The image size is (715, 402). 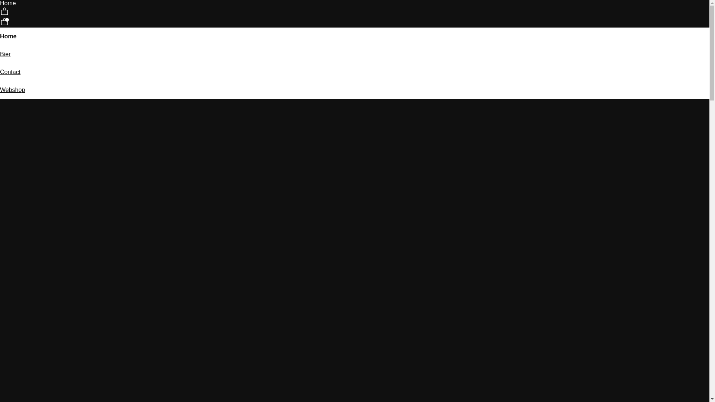 What do you see at coordinates (5, 54) in the screenshot?
I see `'Bier'` at bounding box center [5, 54].